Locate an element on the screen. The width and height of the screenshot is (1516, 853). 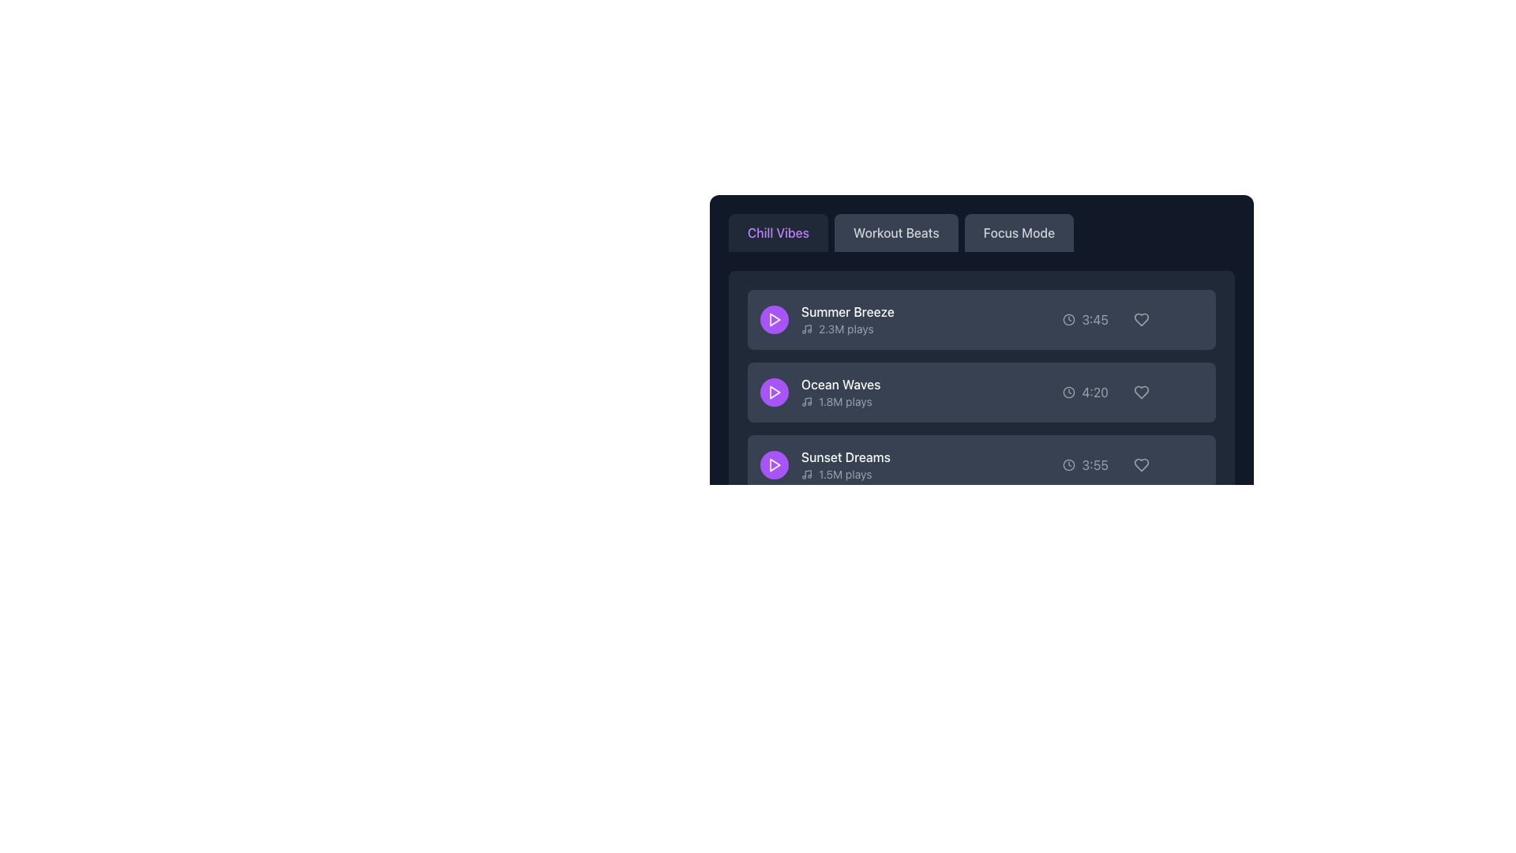
the label displaying information about the music track, located as the second item in the list, positioned below 'Summer Breeze' and above 'Sunset Dreams', to the right of the purple circular play button is located at coordinates (840, 392).